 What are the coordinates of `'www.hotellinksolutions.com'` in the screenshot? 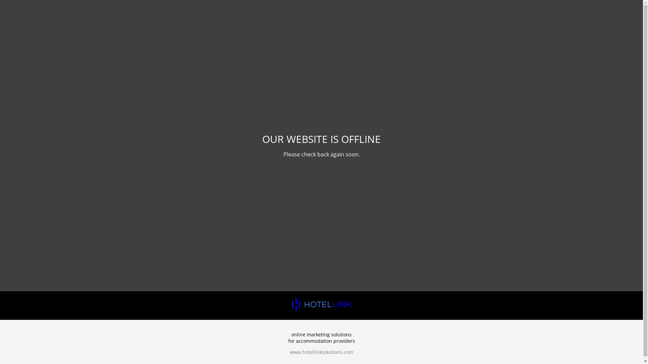 It's located at (321, 352).